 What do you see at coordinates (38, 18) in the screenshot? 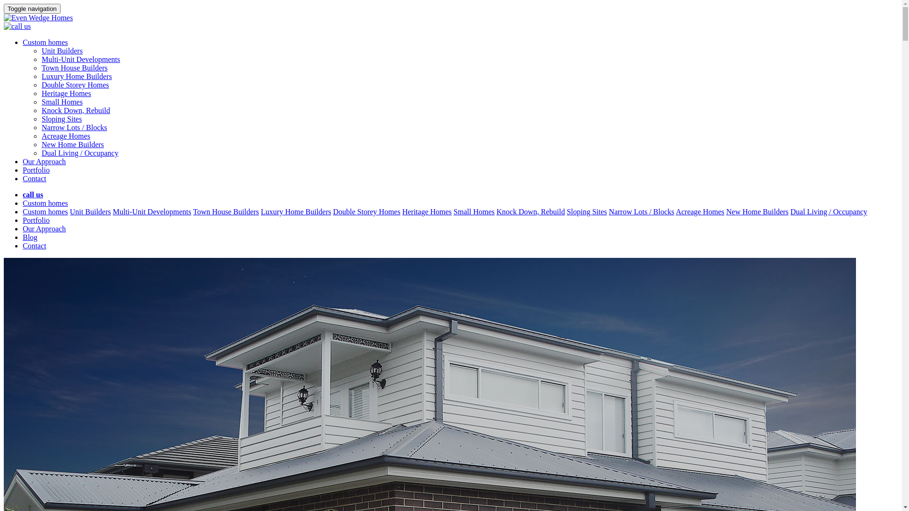
I see `'Even Wedge Homes'` at bounding box center [38, 18].